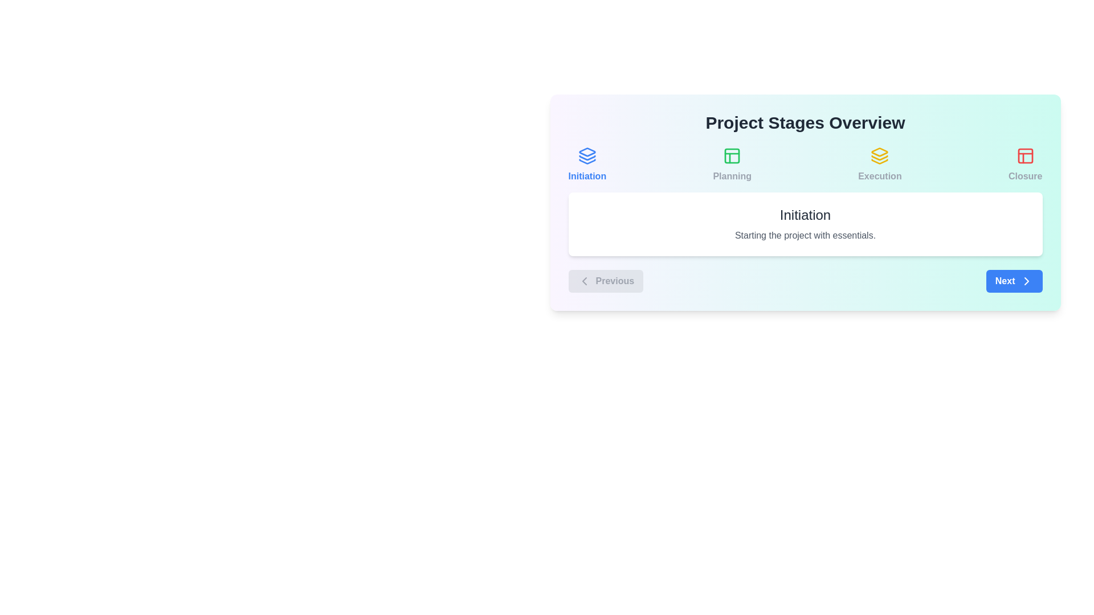 This screenshot has height=615, width=1094. What do you see at coordinates (879, 162) in the screenshot?
I see `the 'Execution' project stage icon, which is the third icon from the left in the 'Project Stages Overview' UI, positioned between 'Planning' and 'Closure'` at bounding box center [879, 162].